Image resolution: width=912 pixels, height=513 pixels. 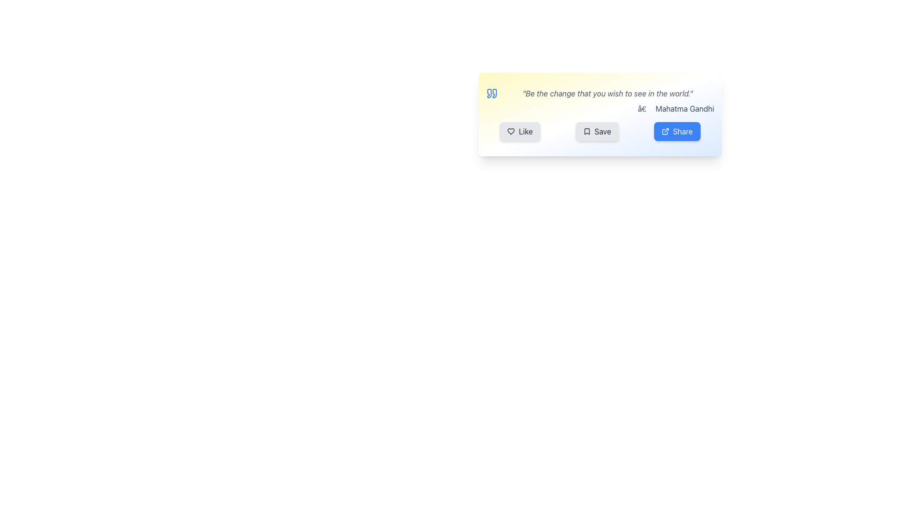 I want to click on the right quotation mark icon, which is the second symbol in the pair of quotation marks located at the top-left corner of the quote text box, so click(x=494, y=93).